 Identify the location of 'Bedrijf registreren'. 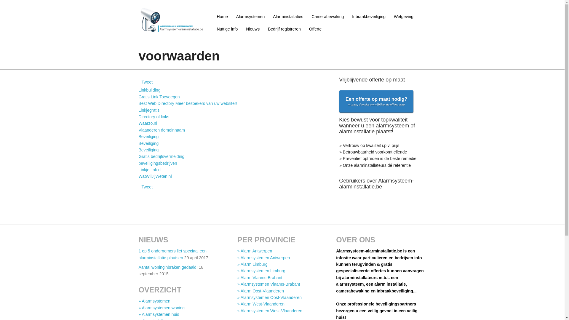
(284, 29).